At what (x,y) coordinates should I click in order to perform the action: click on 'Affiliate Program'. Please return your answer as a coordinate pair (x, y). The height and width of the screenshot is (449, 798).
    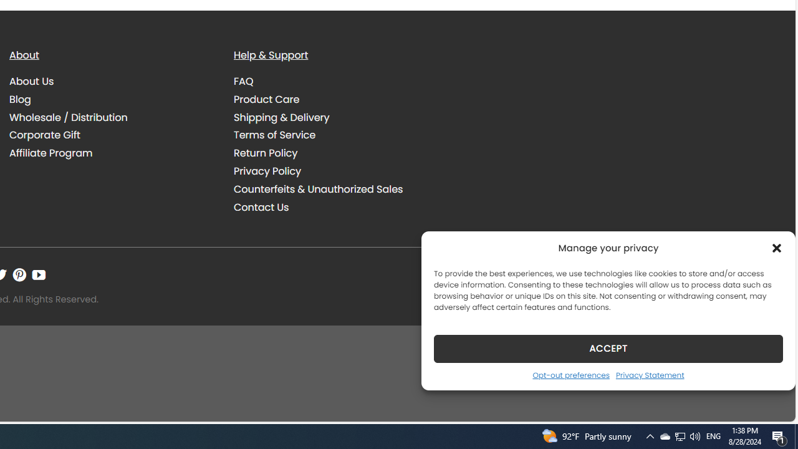
    Looking at the image, I should click on (112, 153).